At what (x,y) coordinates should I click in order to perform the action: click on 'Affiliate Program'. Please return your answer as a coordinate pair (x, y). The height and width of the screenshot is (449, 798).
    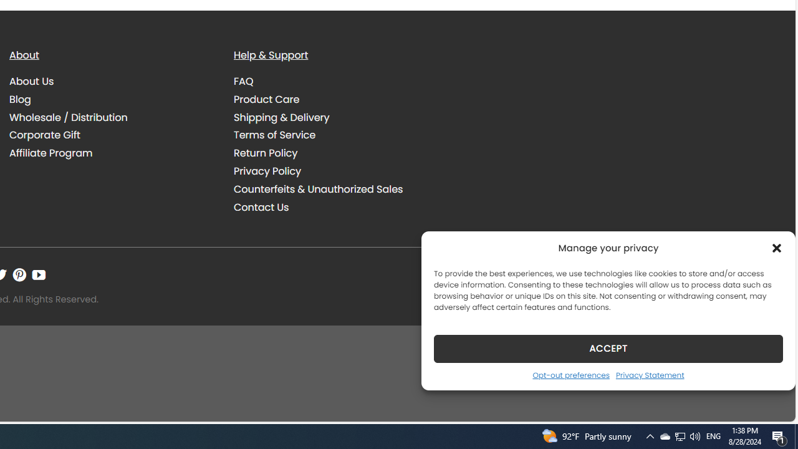
    Looking at the image, I should click on (112, 153).